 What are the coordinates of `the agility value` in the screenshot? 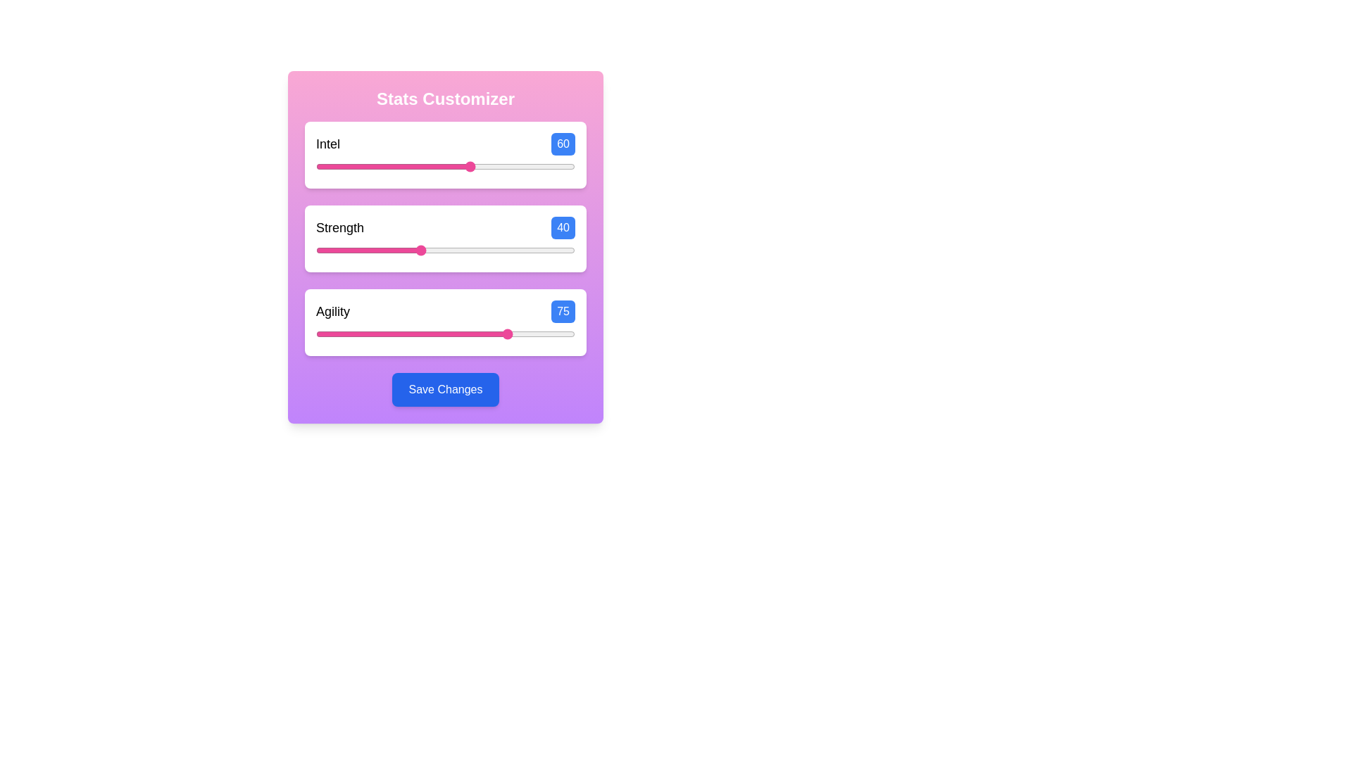 It's located at (456, 334).